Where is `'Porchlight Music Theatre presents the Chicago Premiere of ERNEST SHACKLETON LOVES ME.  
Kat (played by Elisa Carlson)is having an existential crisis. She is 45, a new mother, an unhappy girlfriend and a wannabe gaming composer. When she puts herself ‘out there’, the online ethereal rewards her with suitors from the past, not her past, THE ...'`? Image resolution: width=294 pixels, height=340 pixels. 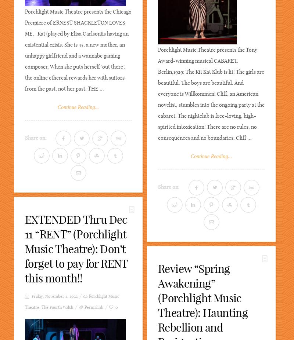 'Porchlight Music Theatre presents the Chicago Premiere of ERNEST SHACKLETON LOVES ME.  
Kat (played by Elisa Carlson)is having an existential crisis. She is 45, a new mother, an unhappy girlfriend and a wannabe gaming composer. When she puts herself ‘out there’, the online ethereal rewards her with suitors from the past, not her past, THE ...' is located at coordinates (78, 50).